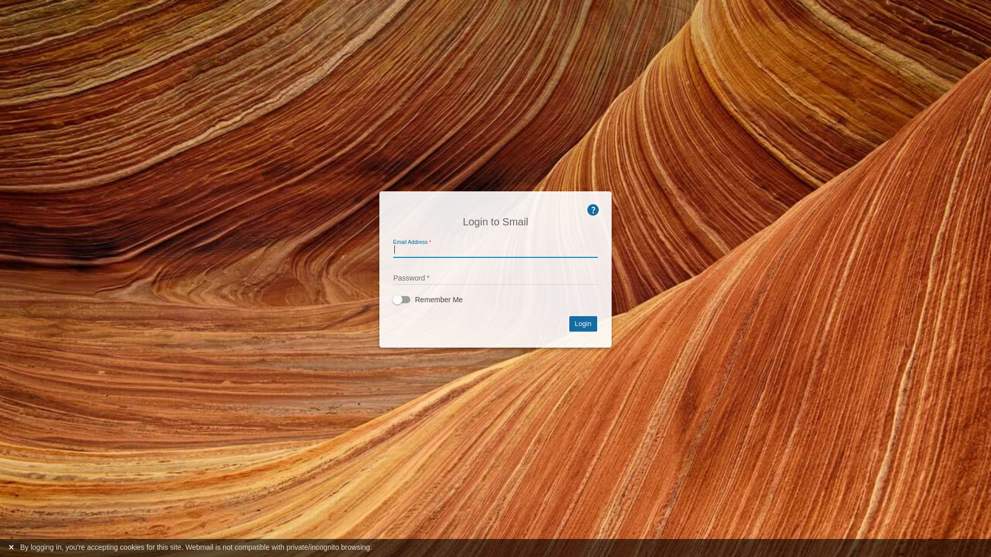 The image size is (991, 557). I want to click on 'Login', so click(583, 323).